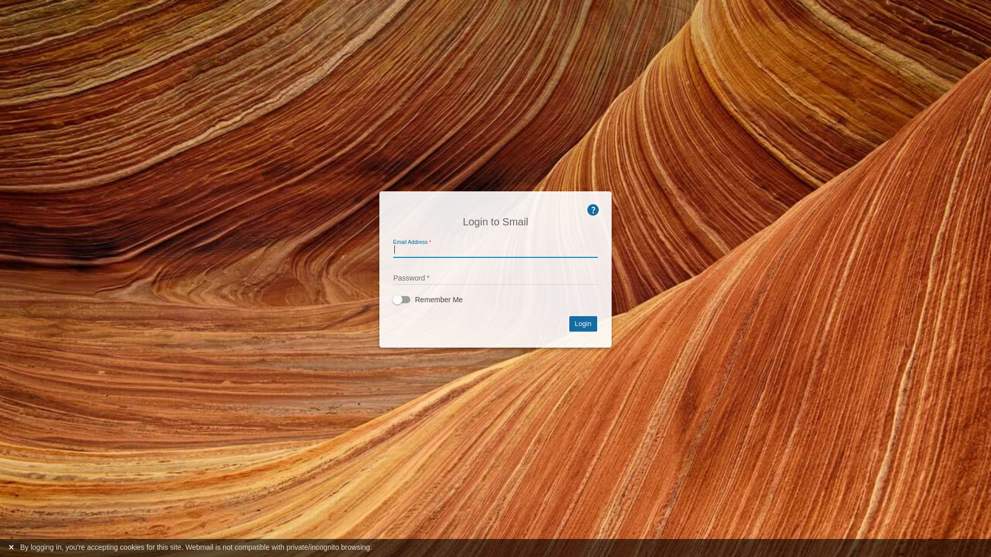 The image size is (991, 557). I want to click on 'Login', so click(583, 323).